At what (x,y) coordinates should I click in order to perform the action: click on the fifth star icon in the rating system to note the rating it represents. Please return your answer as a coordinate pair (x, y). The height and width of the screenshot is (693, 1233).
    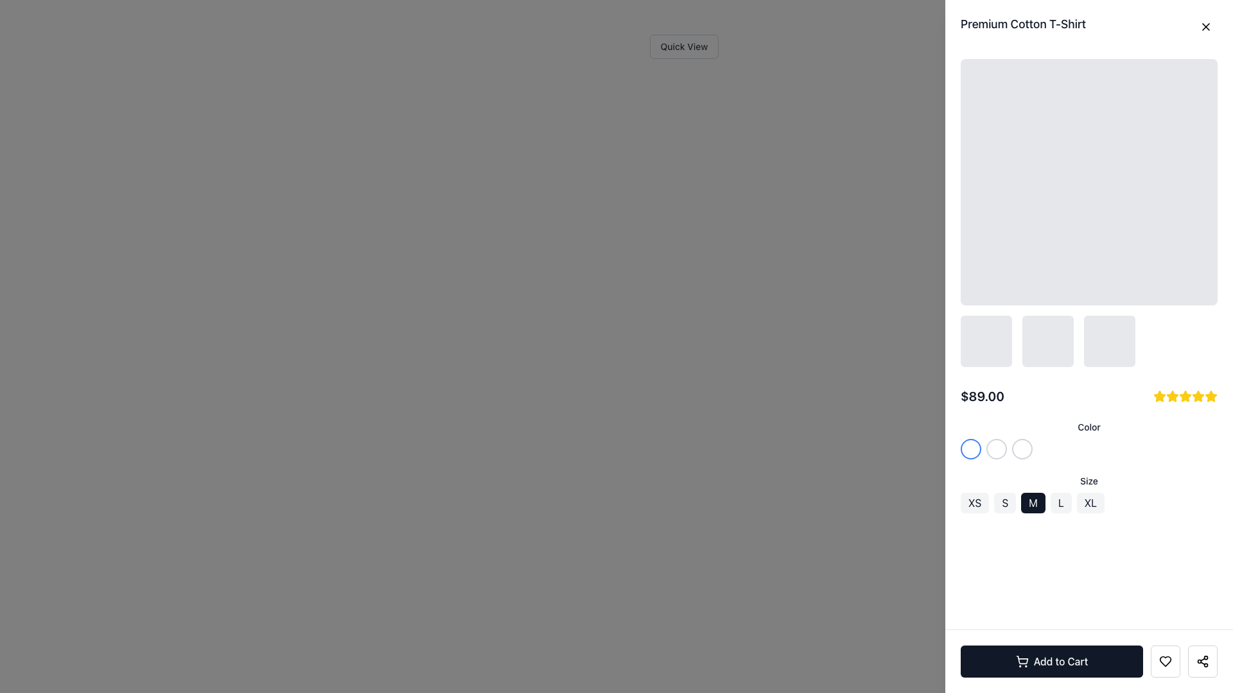
    Looking at the image, I should click on (1198, 395).